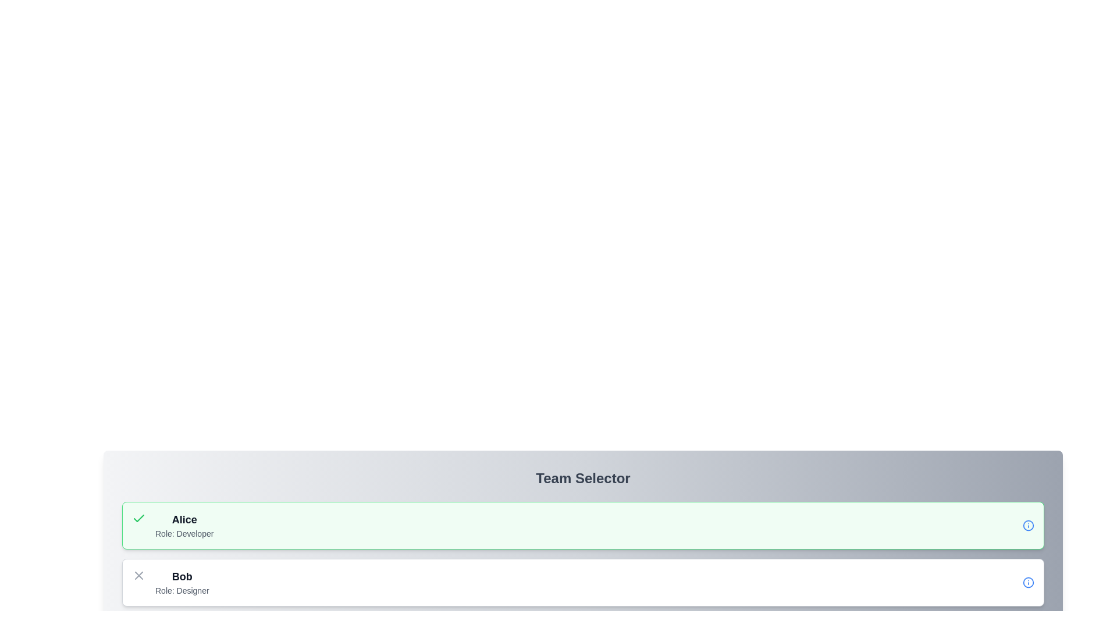 This screenshot has height=628, width=1117. Describe the element at coordinates (184, 525) in the screenshot. I see `the Text Label displaying the name 'Alice' in the team selector interface, located in the top-left corner of the section with green highlighting` at that location.